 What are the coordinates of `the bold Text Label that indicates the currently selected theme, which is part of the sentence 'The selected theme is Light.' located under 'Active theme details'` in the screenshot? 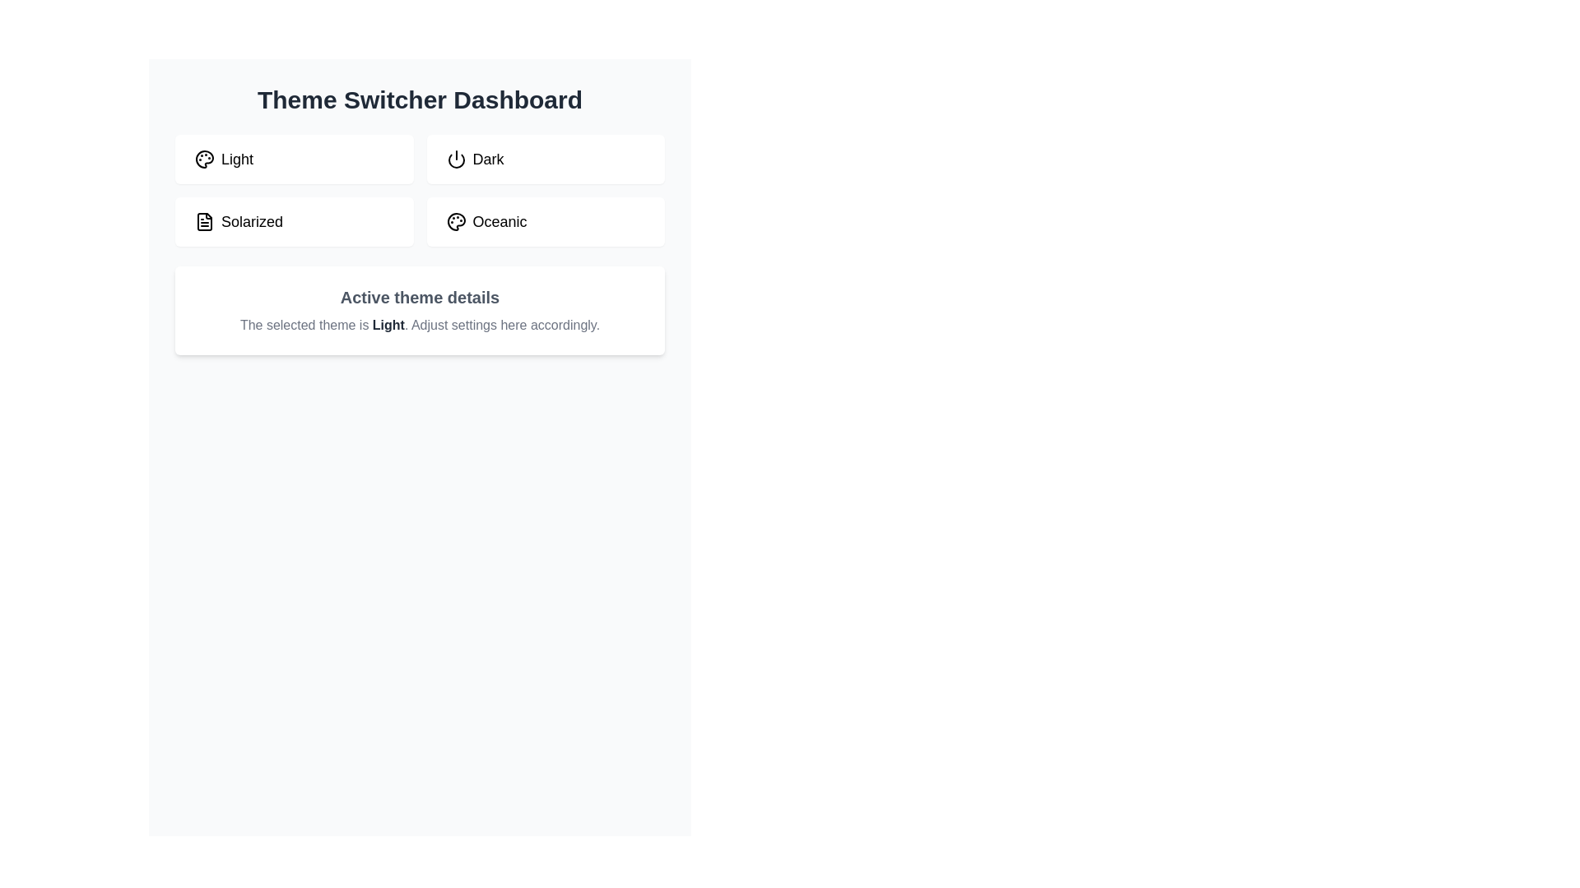 It's located at (388, 325).